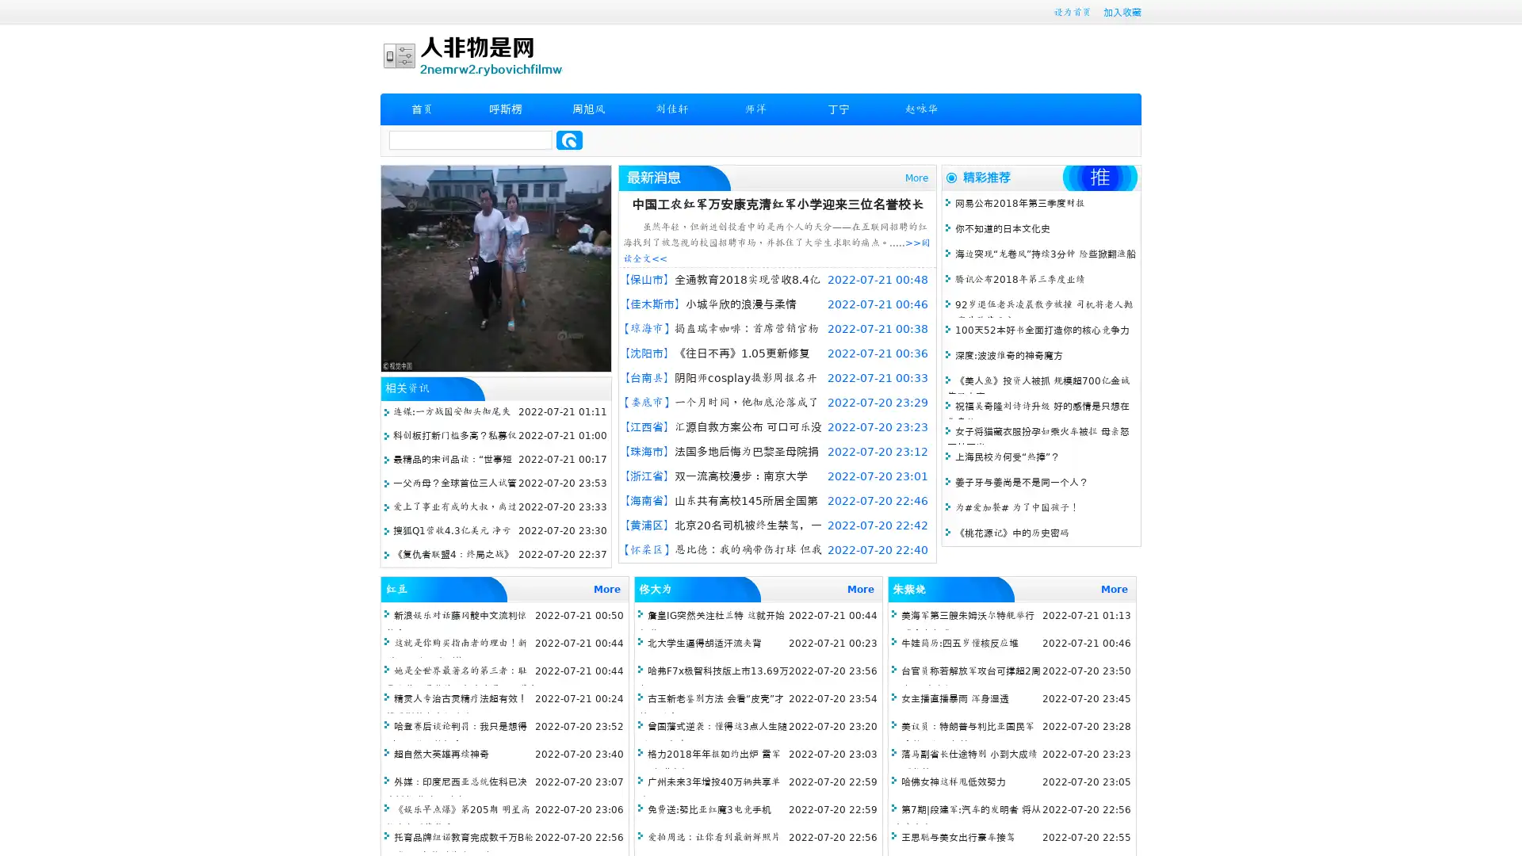 The width and height of the screenshot is (1522, 856). What do you see at coordinates (569, 139) in the screenshot?
I see `Search` at bounding box center [569, 139].